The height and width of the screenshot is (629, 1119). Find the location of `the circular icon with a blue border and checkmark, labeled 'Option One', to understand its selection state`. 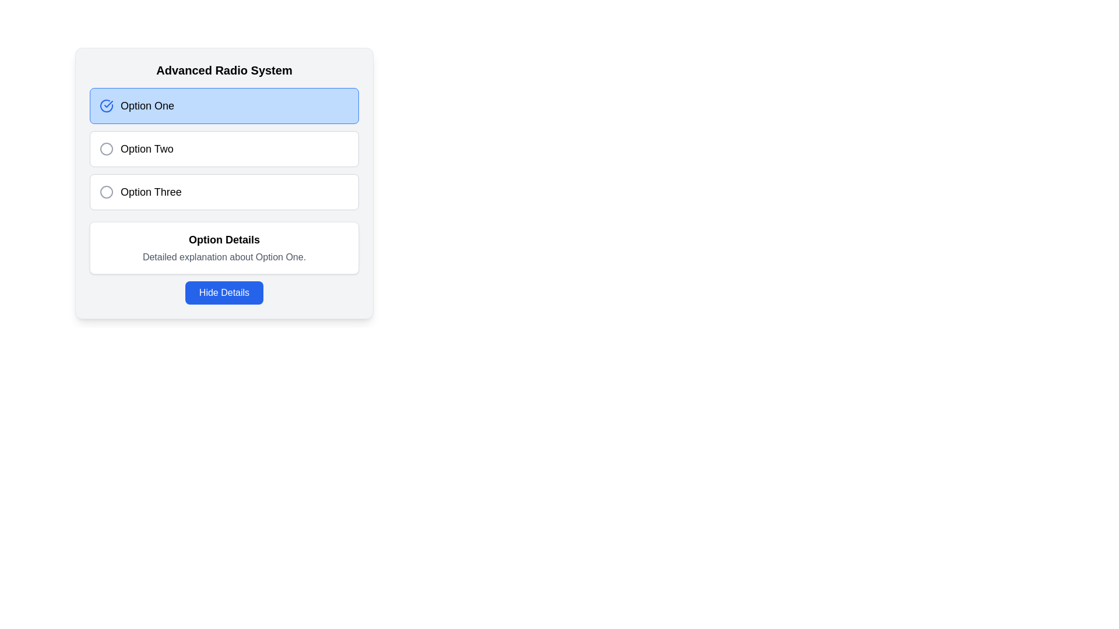

the circular icon with a blue border and checkmark, labeled 'Option One', to understand its selection state is located at coordinates (106, 105).